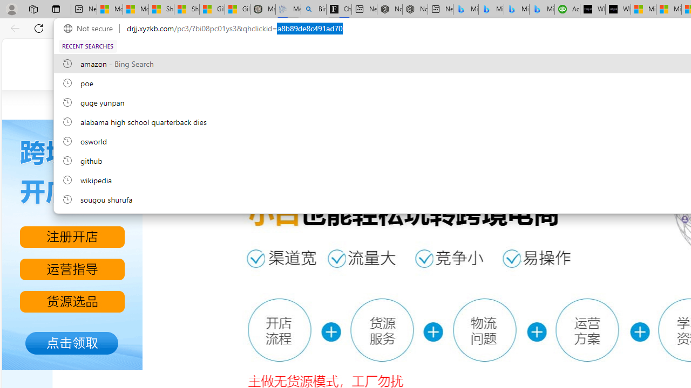 Image resolution: width=691 pixels, height=388 pixels. Describe the element at coordinates (491, 9) in the screenshot. I see `'Microsoft Bing Travel - Stays in Bangkok, Bangkok, Thailand'` at that location.